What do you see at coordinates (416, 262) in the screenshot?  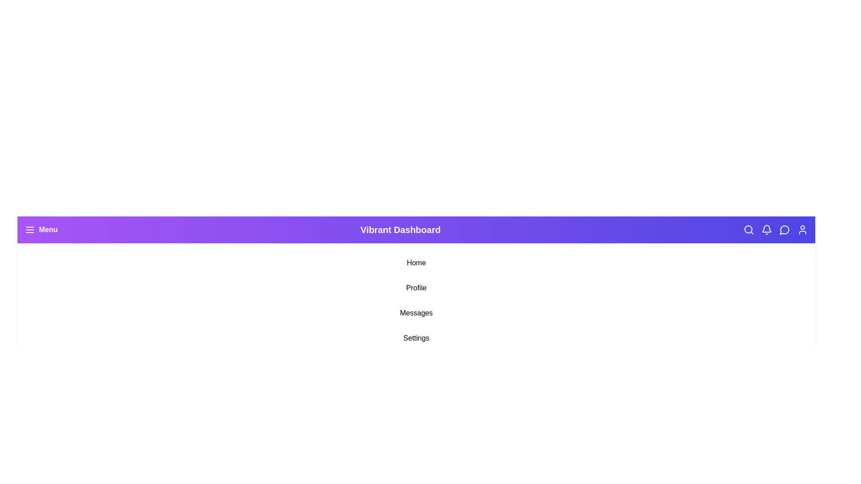 I see `the menu option Home to navigate to the respective page` at bounding box center [416, 262].